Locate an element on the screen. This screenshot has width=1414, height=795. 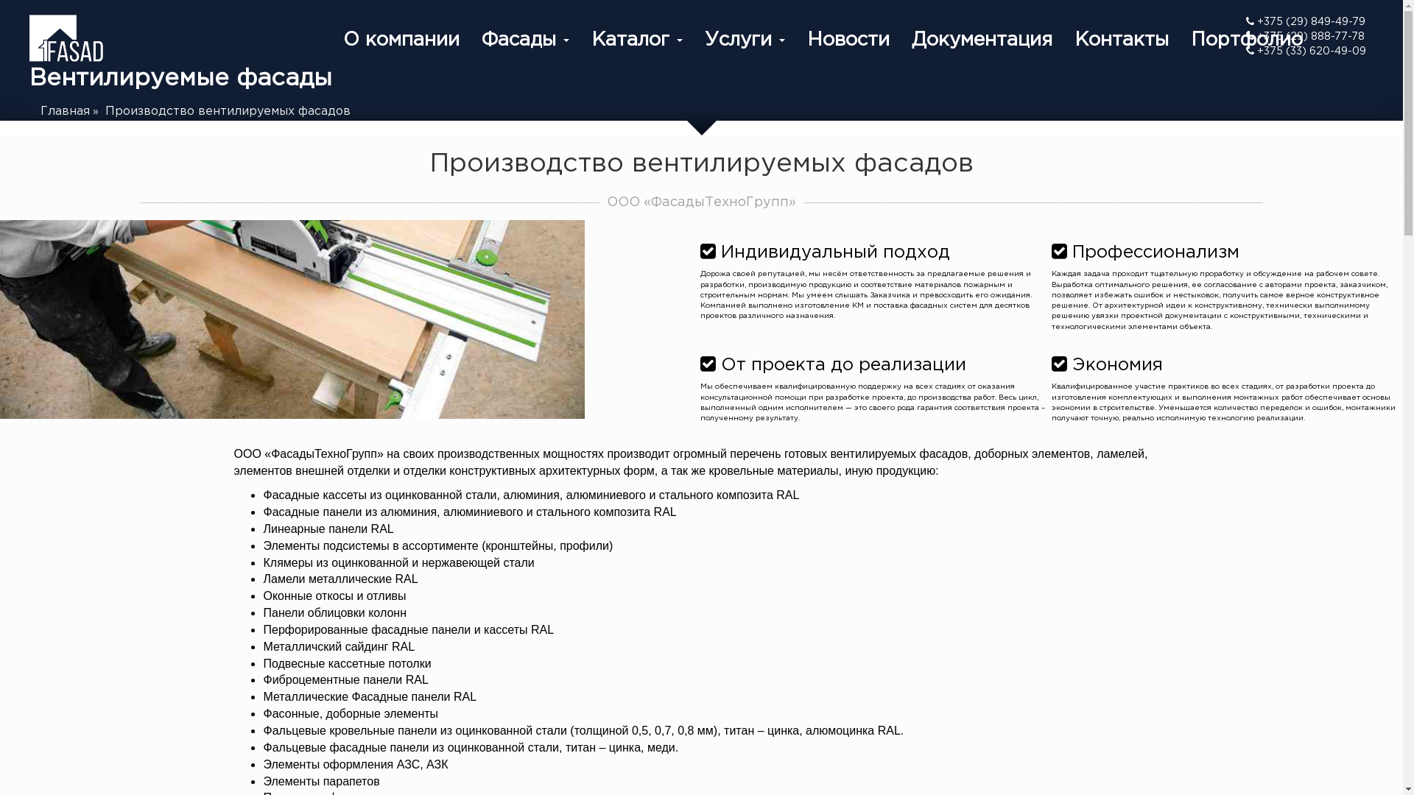
'+375 (29) 888-77-78' is located at coordinates (1306, 36).